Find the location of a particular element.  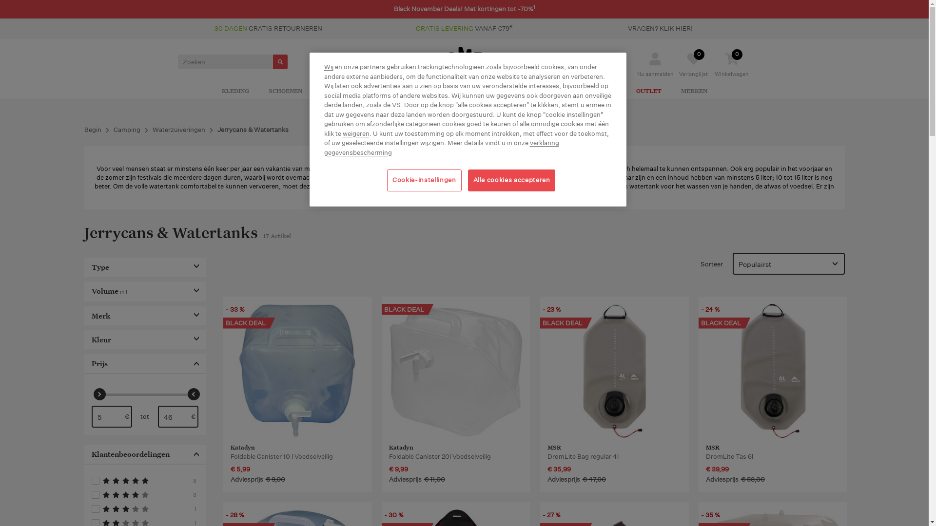

'0 is located at coordinates (732, 71).